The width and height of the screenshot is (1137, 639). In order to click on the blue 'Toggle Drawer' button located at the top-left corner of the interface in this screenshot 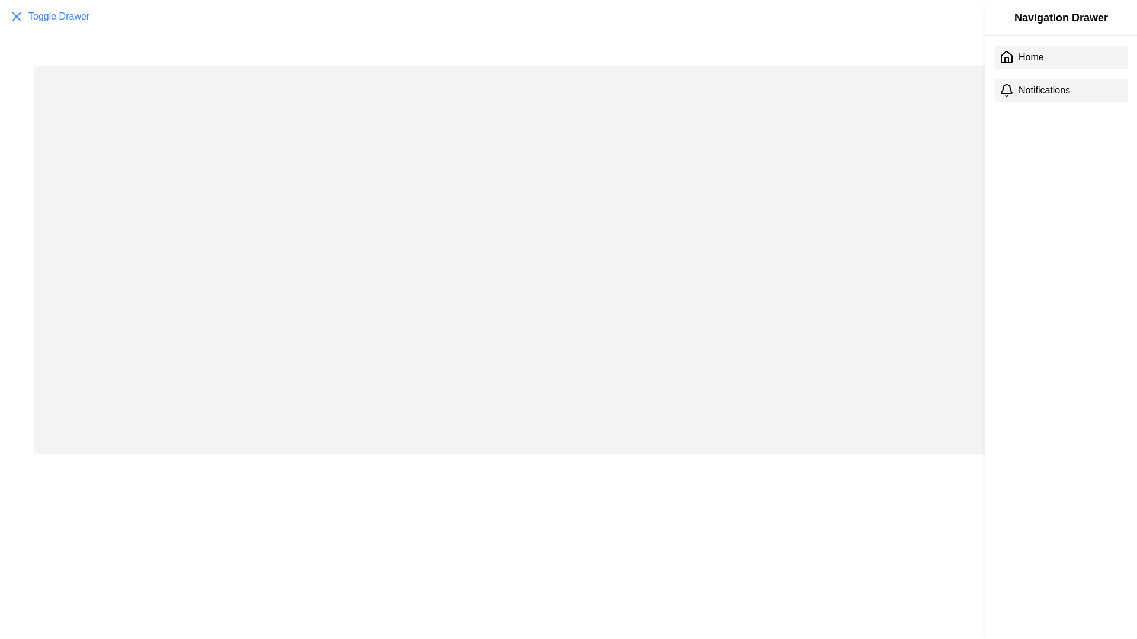, I will do `click(49, 16)`.